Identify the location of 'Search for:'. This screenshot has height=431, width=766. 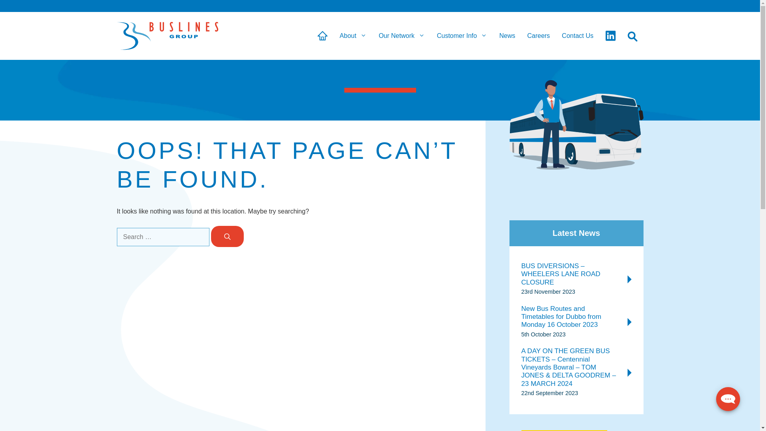
(116, 237).